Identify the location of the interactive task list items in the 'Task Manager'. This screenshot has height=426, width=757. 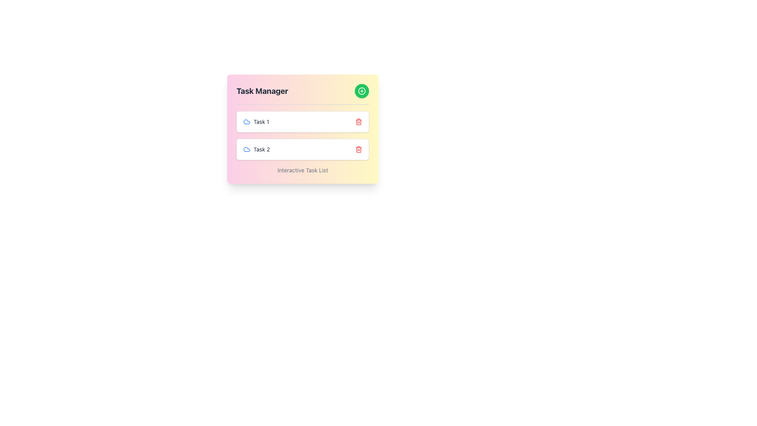
(302, 135).